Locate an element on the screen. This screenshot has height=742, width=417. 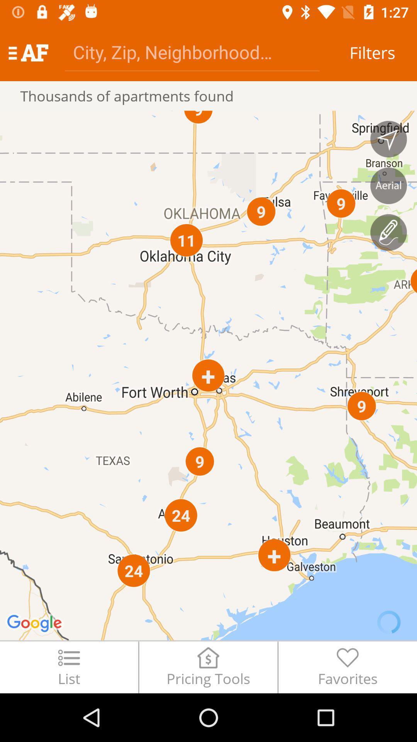
navigation option is located at coordinates (388, 139).